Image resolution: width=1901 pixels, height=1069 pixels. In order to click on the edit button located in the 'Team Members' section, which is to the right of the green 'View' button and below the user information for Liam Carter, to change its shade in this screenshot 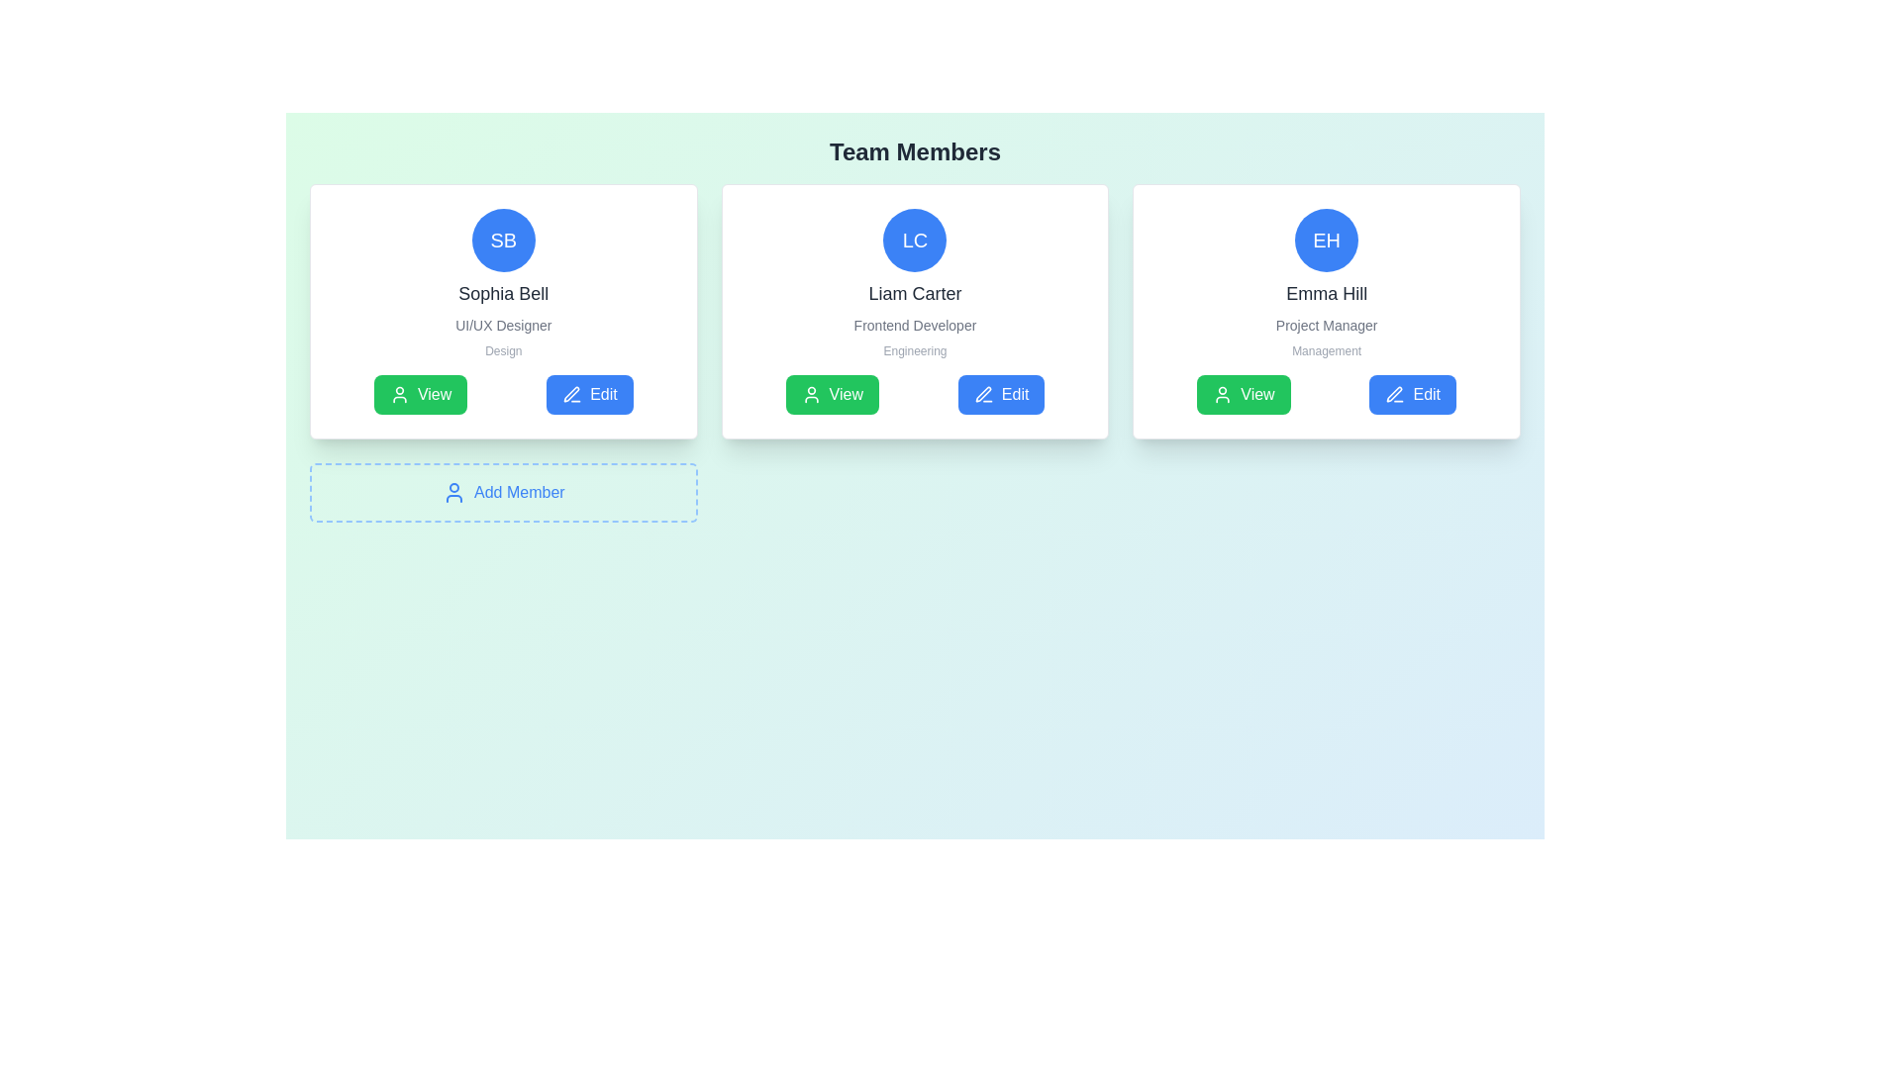, I will do `click(1001, 394)`.